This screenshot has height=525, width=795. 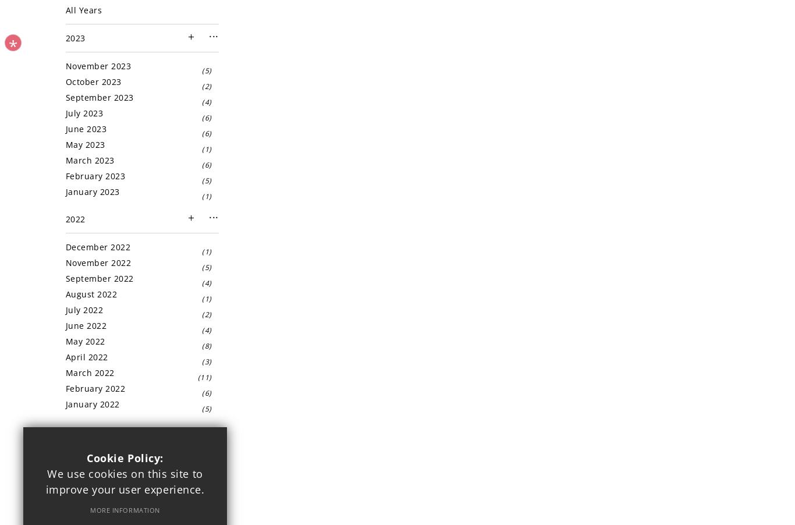 What do you see at coordinates (65, 293) in the screenshot?
I see `'August 2022'` at bounding box center [65, 293].